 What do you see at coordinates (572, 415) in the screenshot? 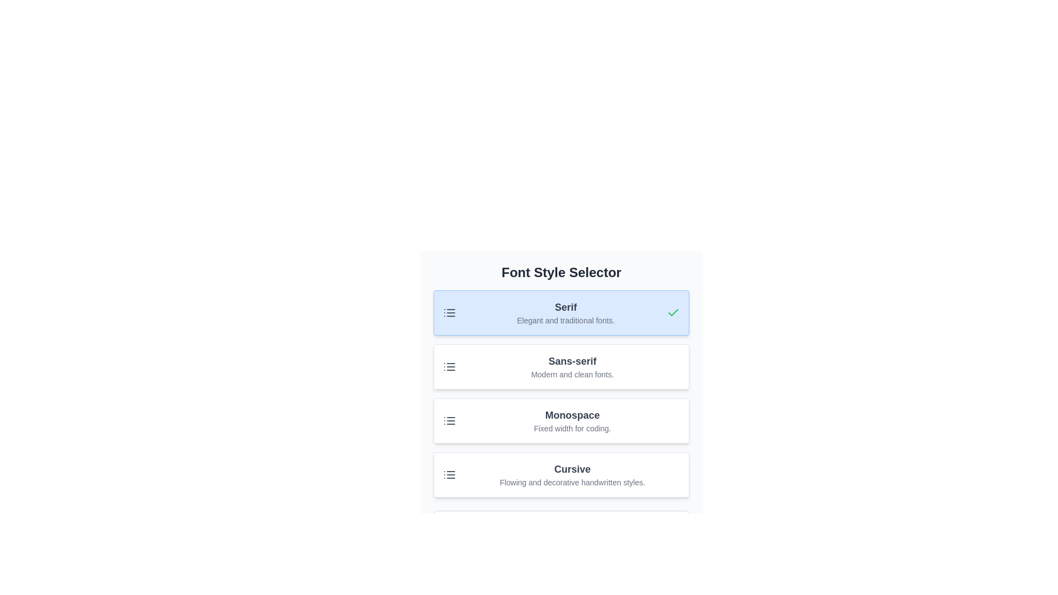
I see `the 'Monospace' font style label, which indicates the name of the font style option in the list of font styles` at bounding box center [572, 415].